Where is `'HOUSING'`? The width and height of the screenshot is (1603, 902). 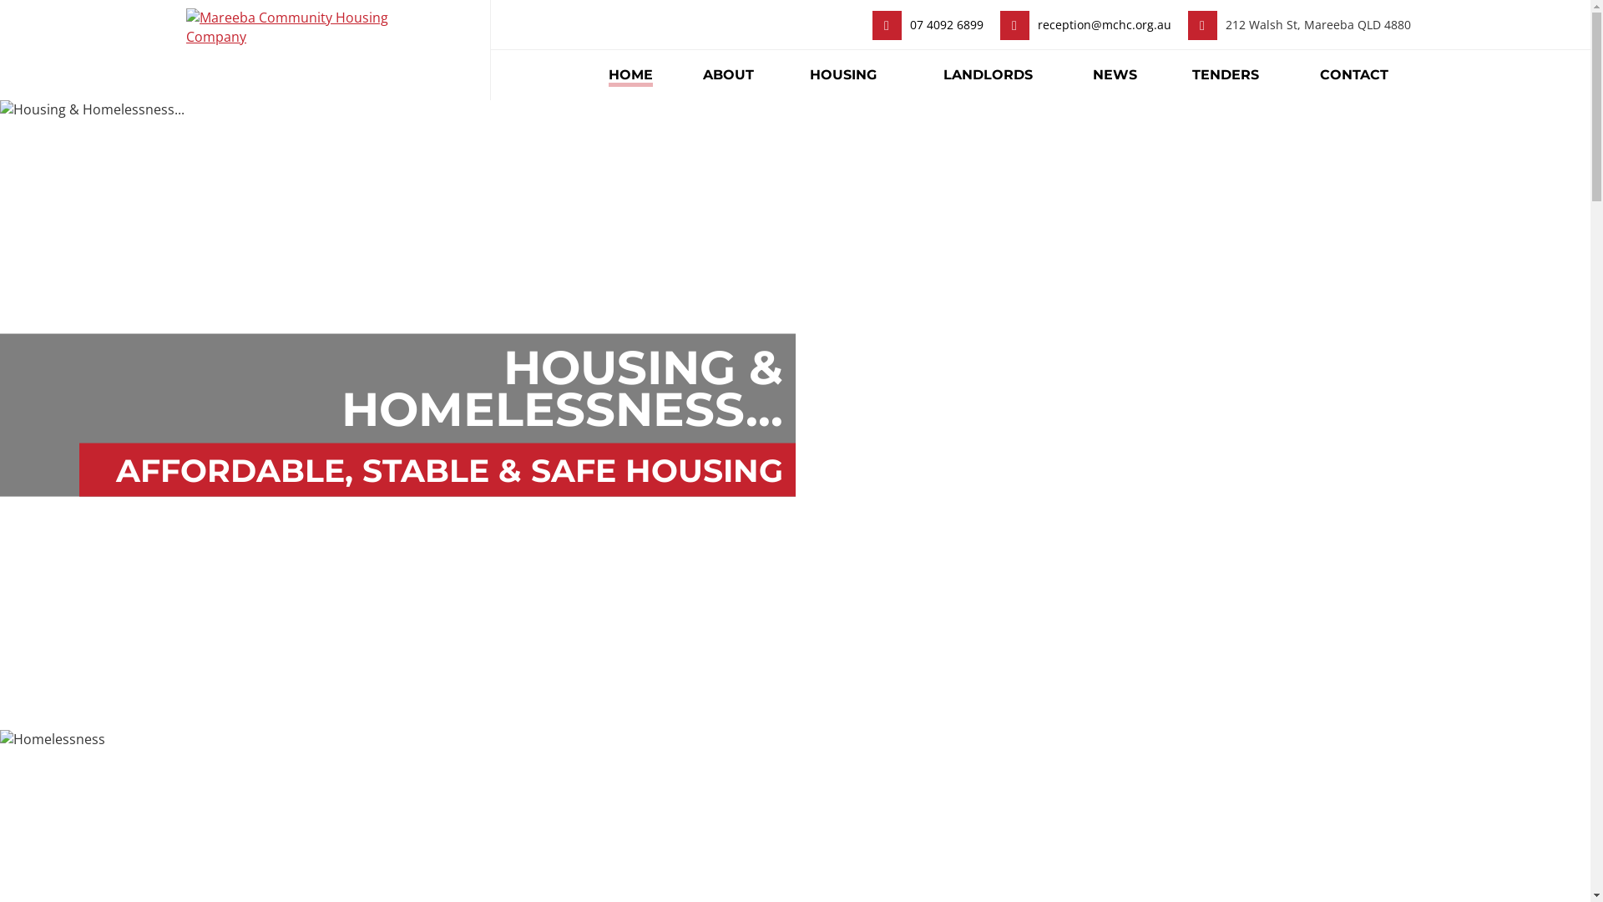
'HOUSING' is located at coordinates (842, 73).